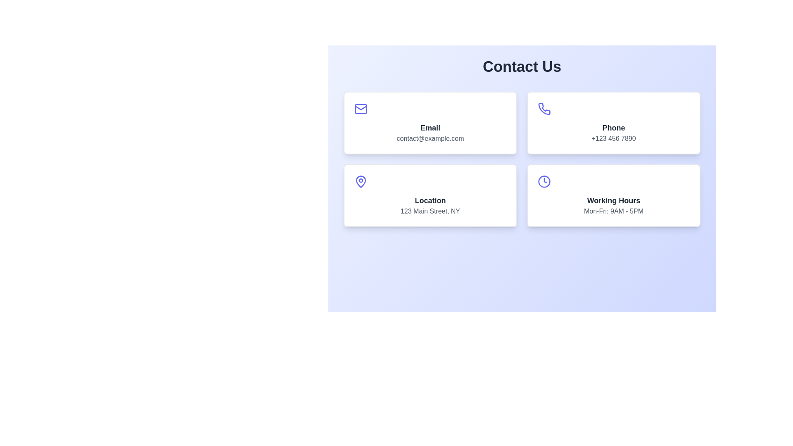  I want to click on the text label displaying the address '123 Main Street, NY', which is located beneath the 'Location' heading within a rectangular card, so click(430, 211).